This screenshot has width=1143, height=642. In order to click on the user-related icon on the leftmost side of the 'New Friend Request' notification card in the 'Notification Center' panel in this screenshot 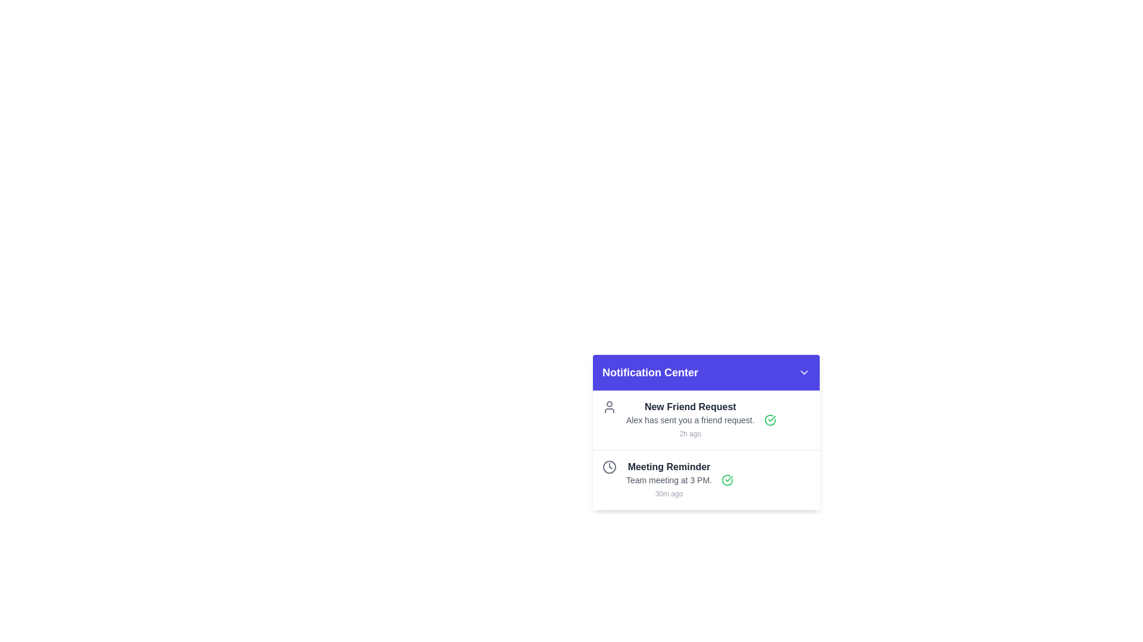, I will do `click(609, 407)`.